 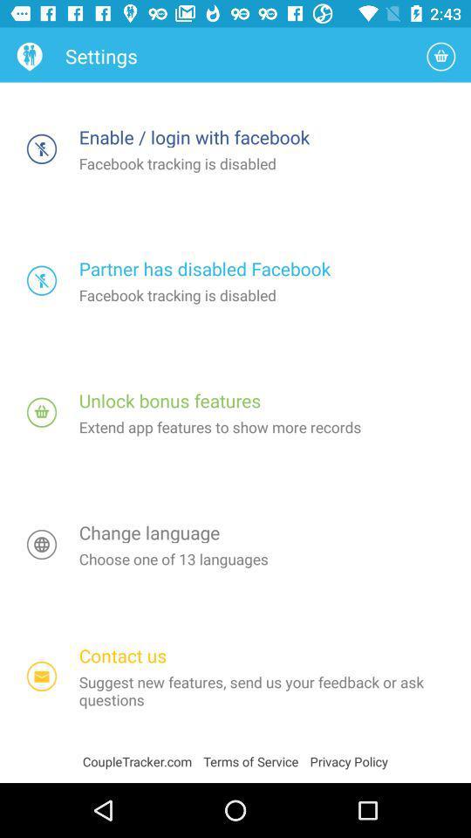 What do you see at coordinates (42, 412) in the screenshot?
I see `icon selection` at bounding box center [42, 412].